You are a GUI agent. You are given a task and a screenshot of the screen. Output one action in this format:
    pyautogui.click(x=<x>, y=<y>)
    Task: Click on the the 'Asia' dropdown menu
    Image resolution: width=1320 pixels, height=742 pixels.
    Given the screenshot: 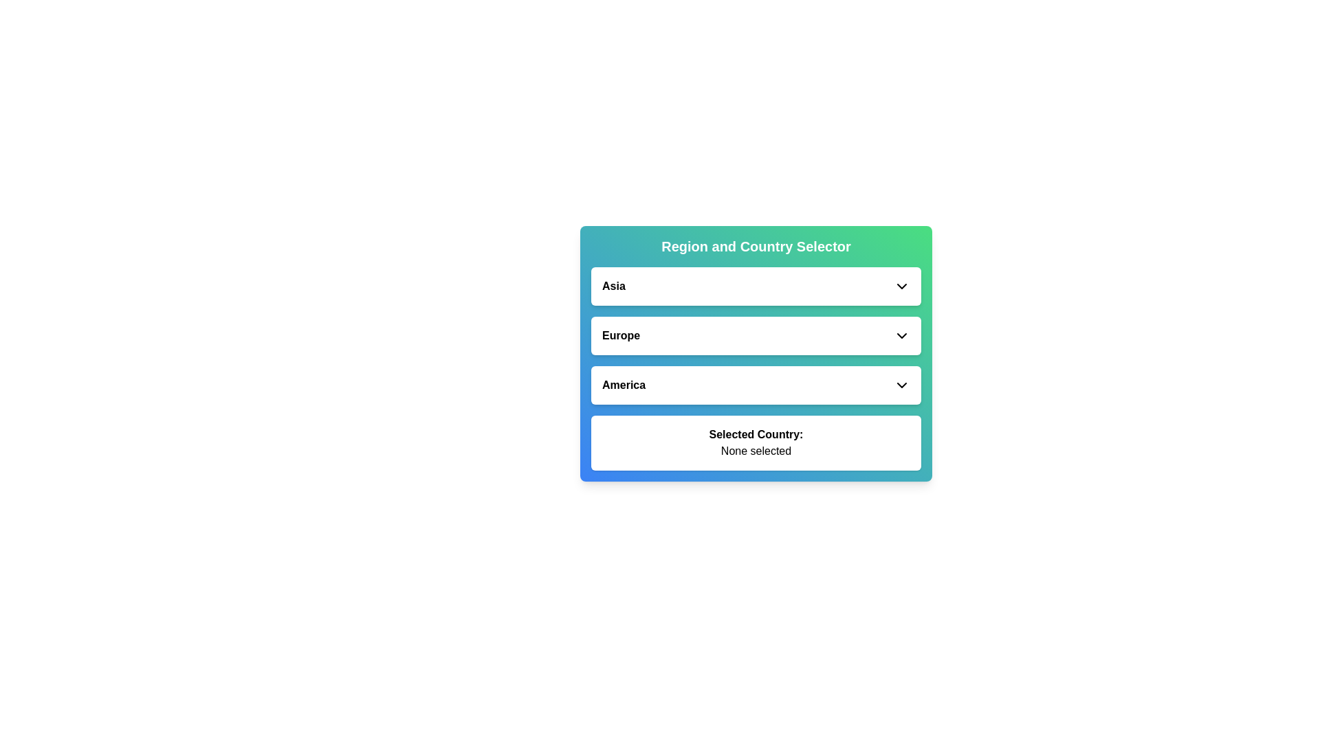 What is the action you would take?
    pyautogui.click(x=755, y=285)
    